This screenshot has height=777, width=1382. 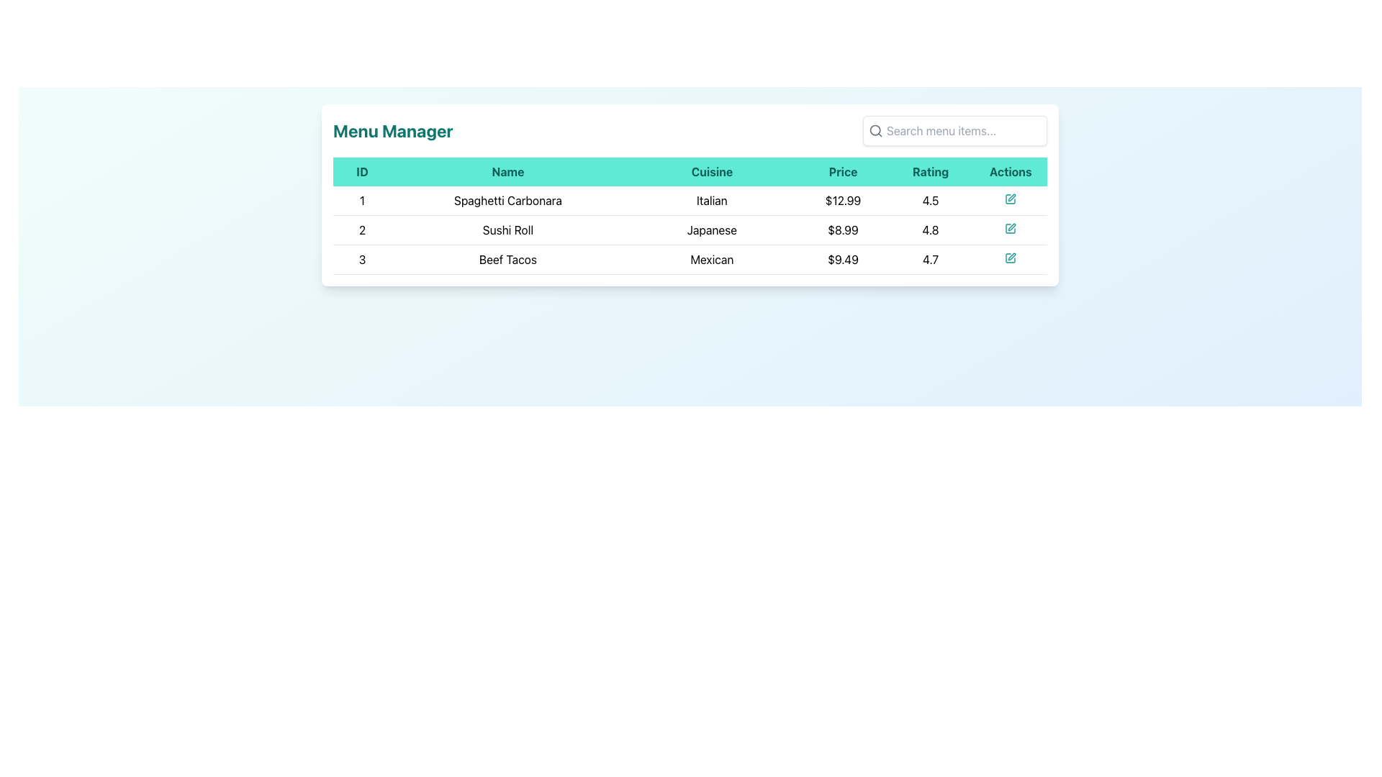 I want to click on the price label for 'Beef Tacos' located in the third row of the menu table, positioned under the 'Price' column, so click(x=843, y=260).